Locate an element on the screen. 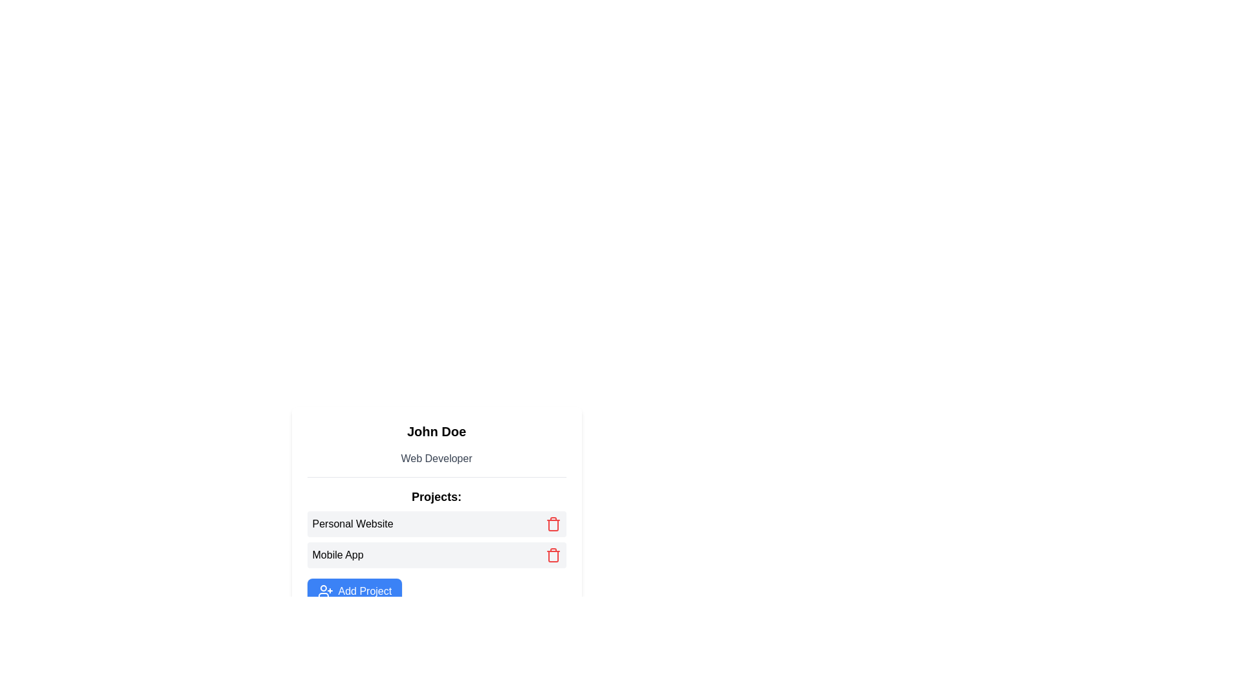 The image size is (1243, 699). the delete button located towards the right end of the 'Personal Website' item in the 'Projects' list is located at coordinates (553, 524).